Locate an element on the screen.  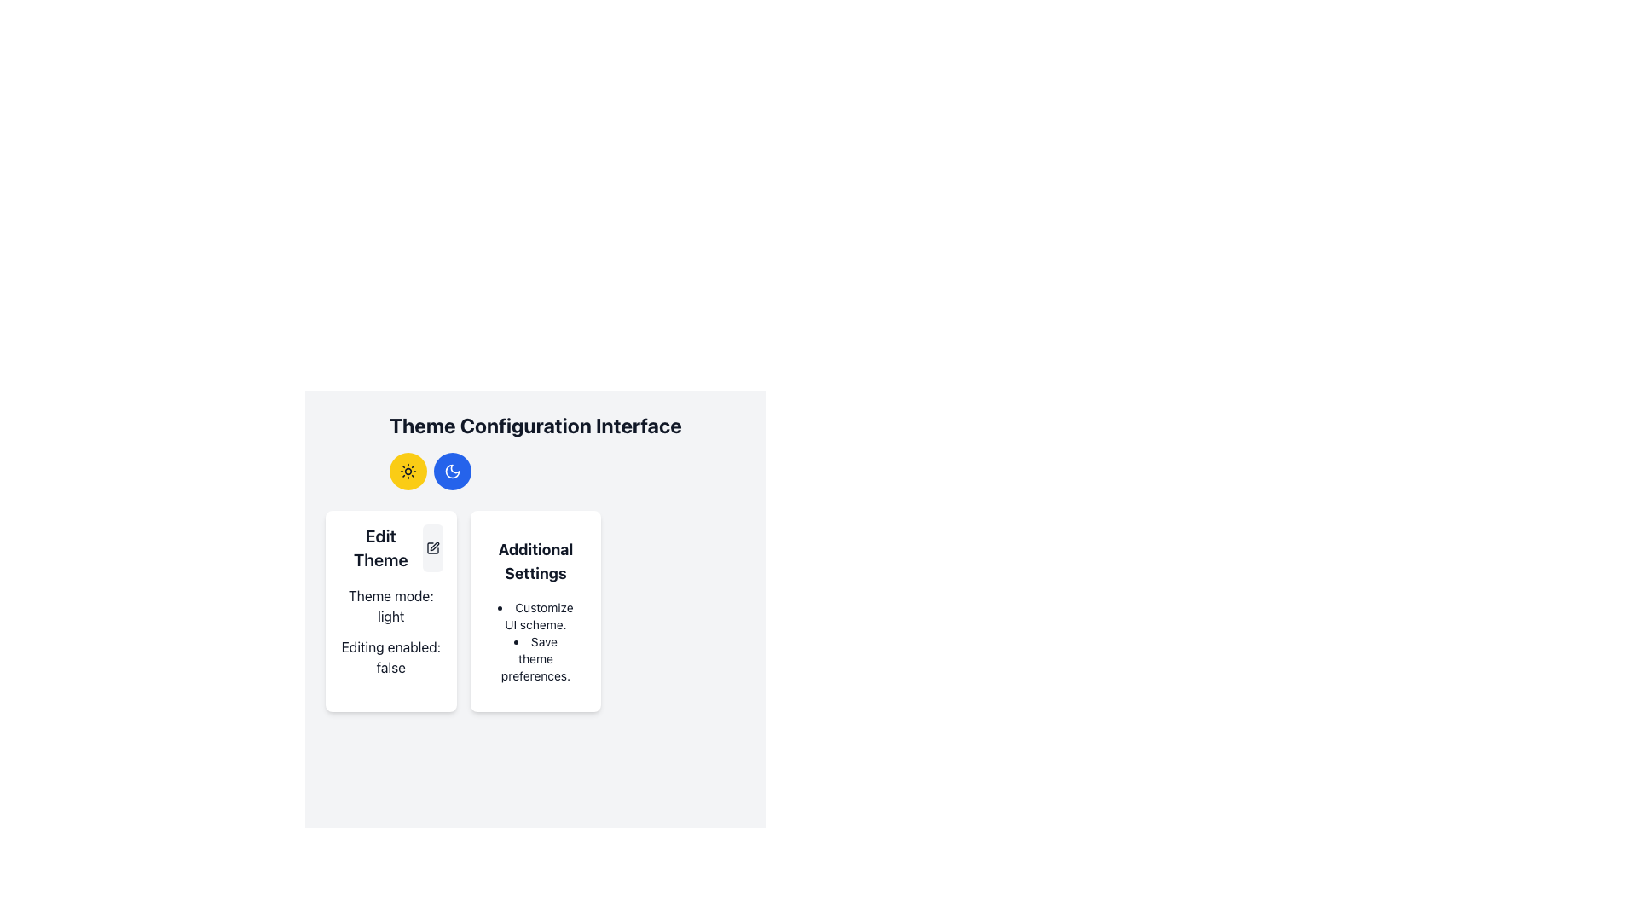
the dark mode icon embedded in the blue circular button located in the header section of the interface is located at coordinates (453, 471).